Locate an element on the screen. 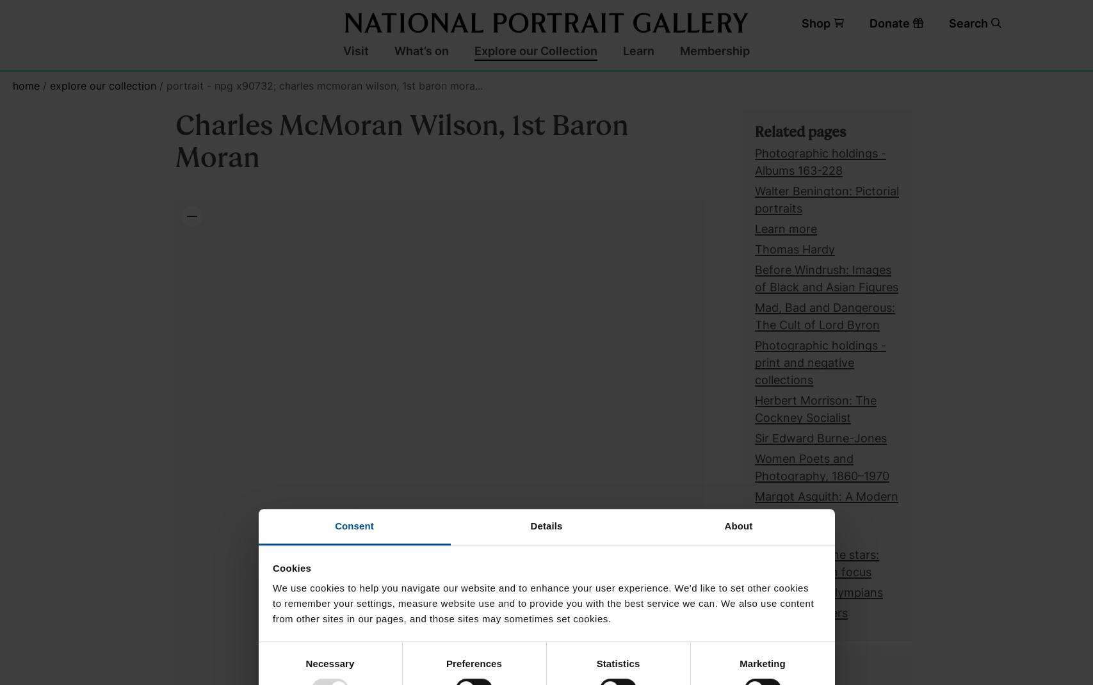  '/ Portrait - NPG x90732; Charles McMoran Wilson, 1st Baron Mora...' is located at coordinates (319, 85).